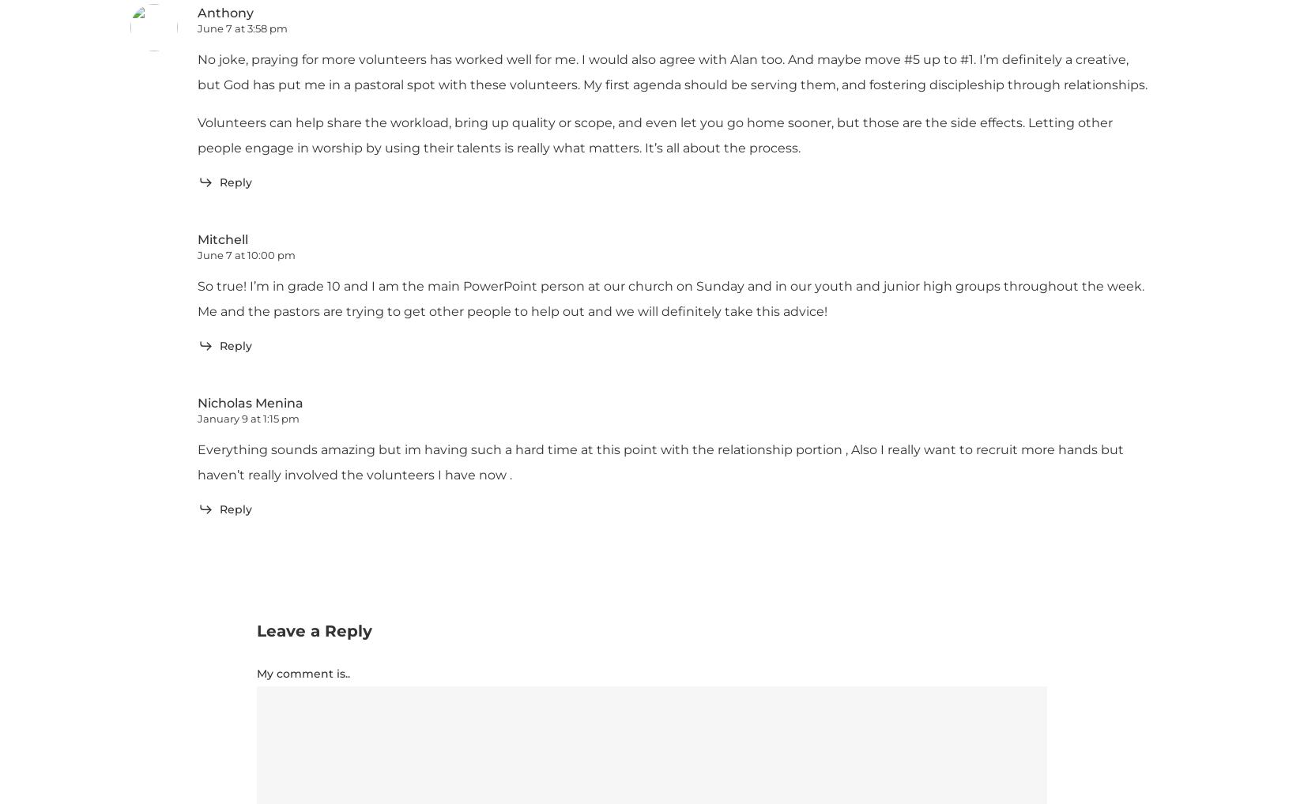 The image size is (1304, 804). I want to click on 'No joke, praying for more volunteers has worked well for me. I would also agree with Alan too. And maybe move #5 up to #1. I’m definitely a creative, but God has put me in a pastoral spot with these volunteers. My first agenda should be serving them, and fostering discipleship through relationships.', so click(197, 72).